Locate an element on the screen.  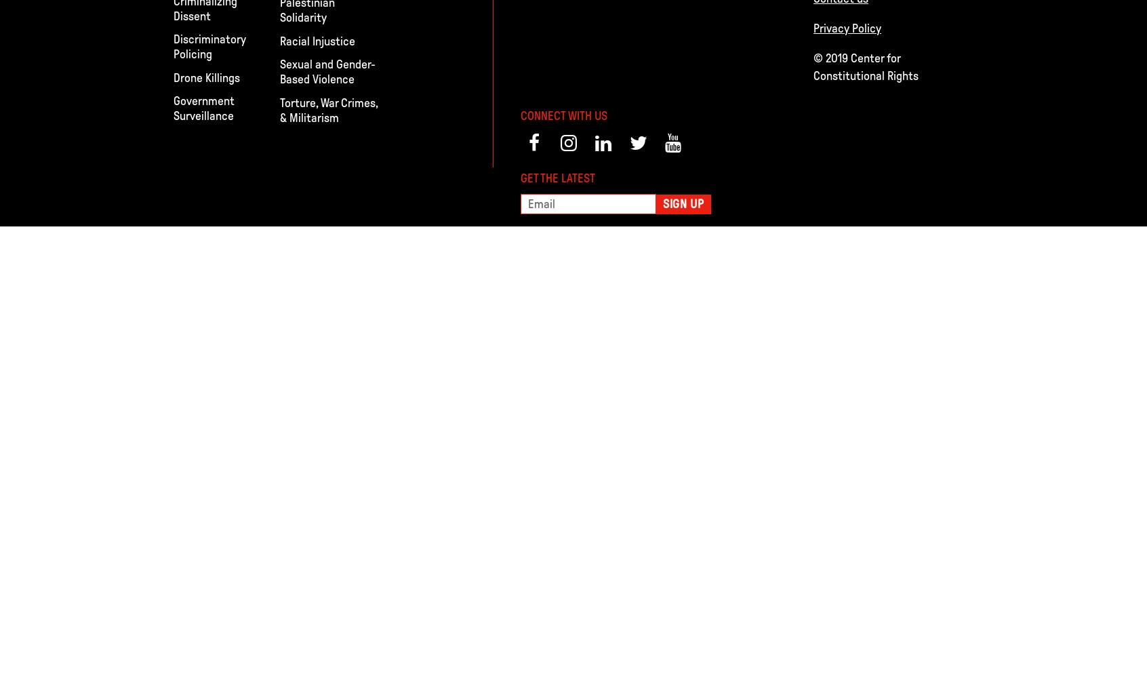
'Connect With Us' is located at coordinates (519, 115).